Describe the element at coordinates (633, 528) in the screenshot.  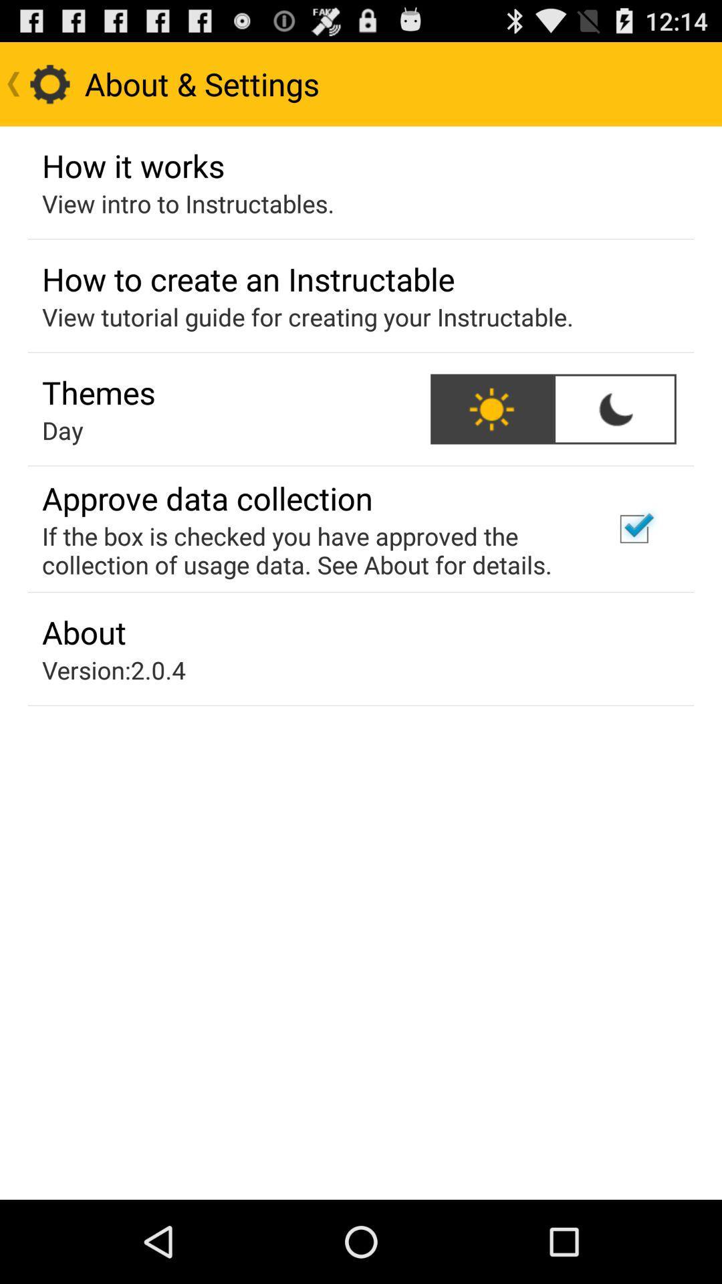
I see `the icon on the right` at that location.